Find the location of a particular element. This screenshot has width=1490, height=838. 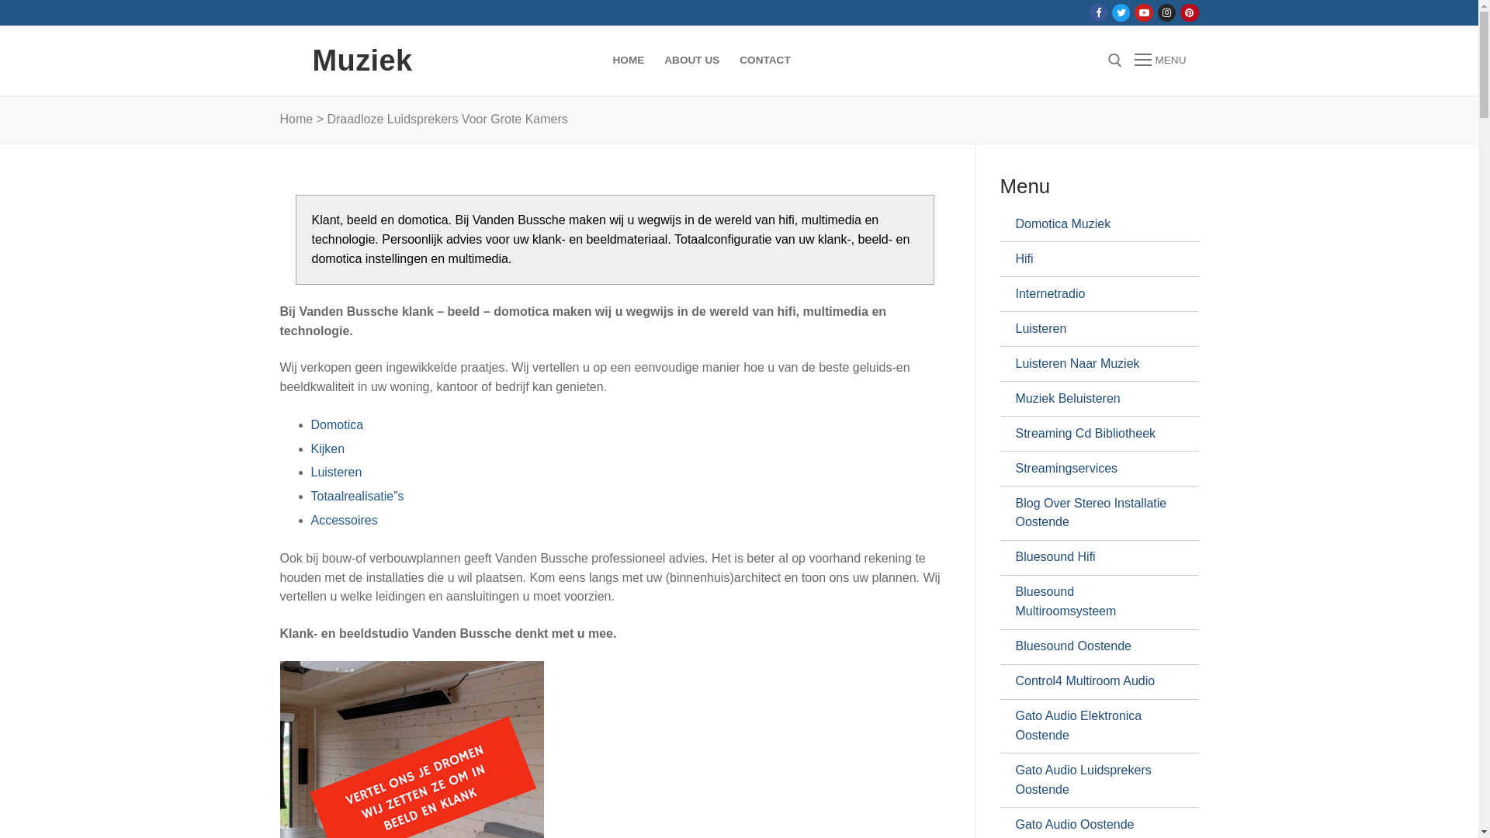

'Instagram' is located at coordinates (1162, 12).